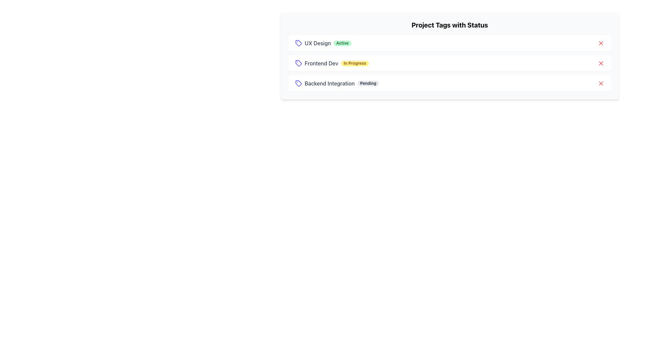  Describe the element at coordinates (337, 83) in the screenshot. I see `the status tag 'Pending' of the list item labeled 'Backend Integration' to interact with it` at that location.